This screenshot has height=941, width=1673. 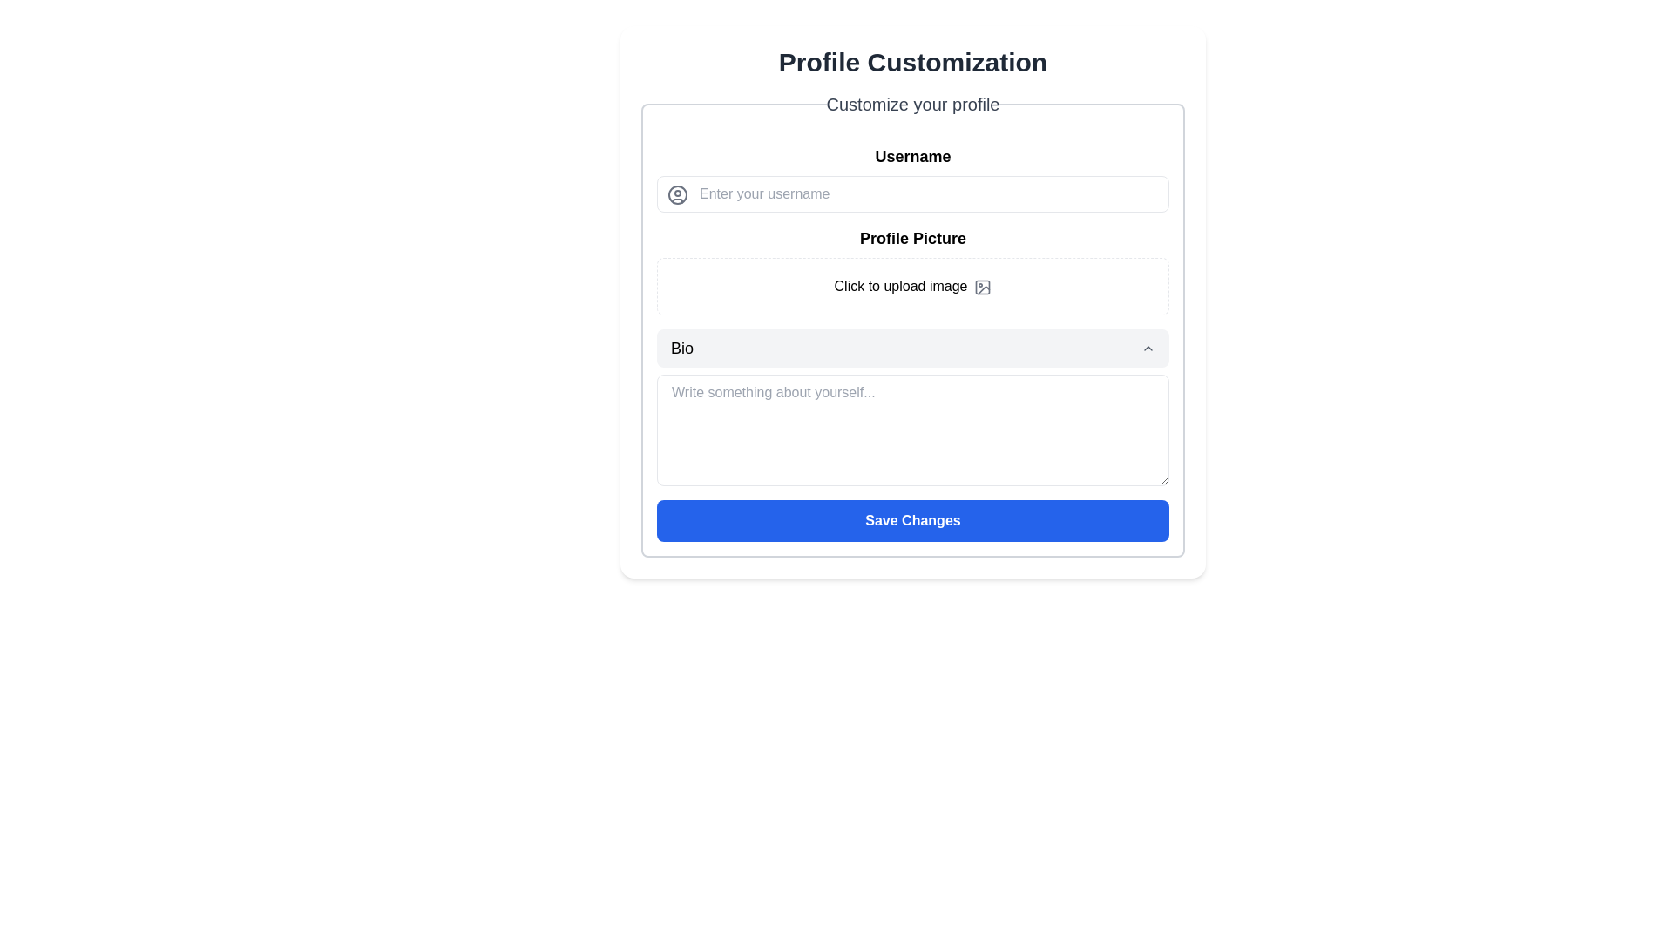 I want to click on the 'Bio' text label, which is styled in bold font and located on the left side of a light gray horizontal bar below the 'Profile Picture' section, so click(x=681, y=349).